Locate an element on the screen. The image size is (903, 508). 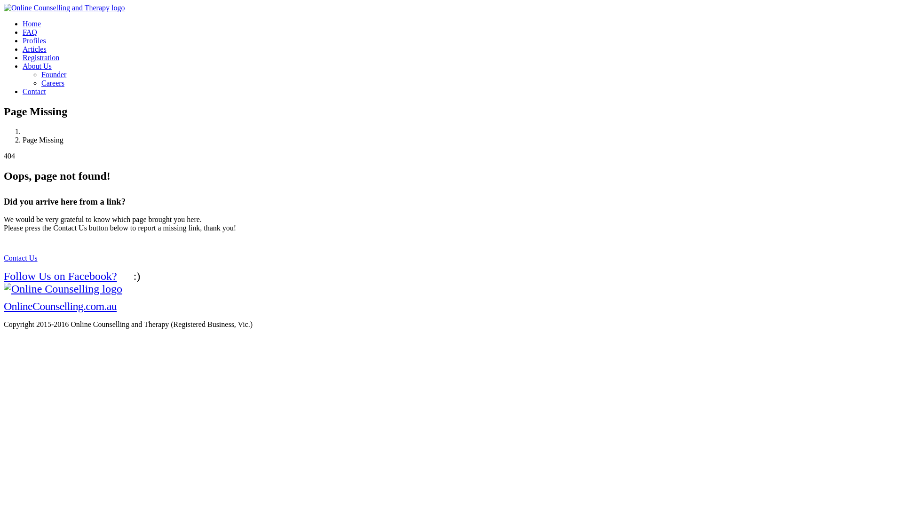
'Founder' is located at coordinates (53, 74).